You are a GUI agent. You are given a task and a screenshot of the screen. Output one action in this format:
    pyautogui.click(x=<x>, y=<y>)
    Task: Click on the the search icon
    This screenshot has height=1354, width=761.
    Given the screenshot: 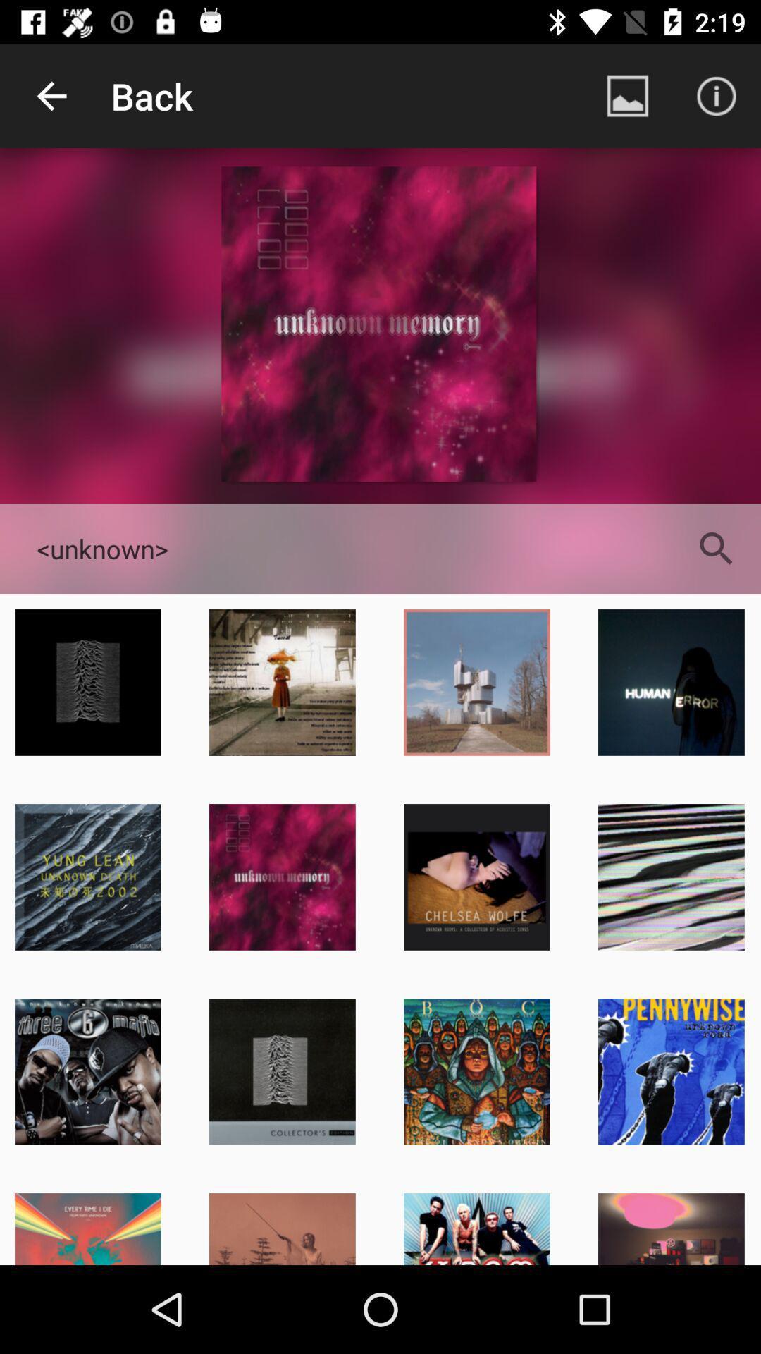 What is the action you would take?
    pyautogui.click(x=717, y=548)
    